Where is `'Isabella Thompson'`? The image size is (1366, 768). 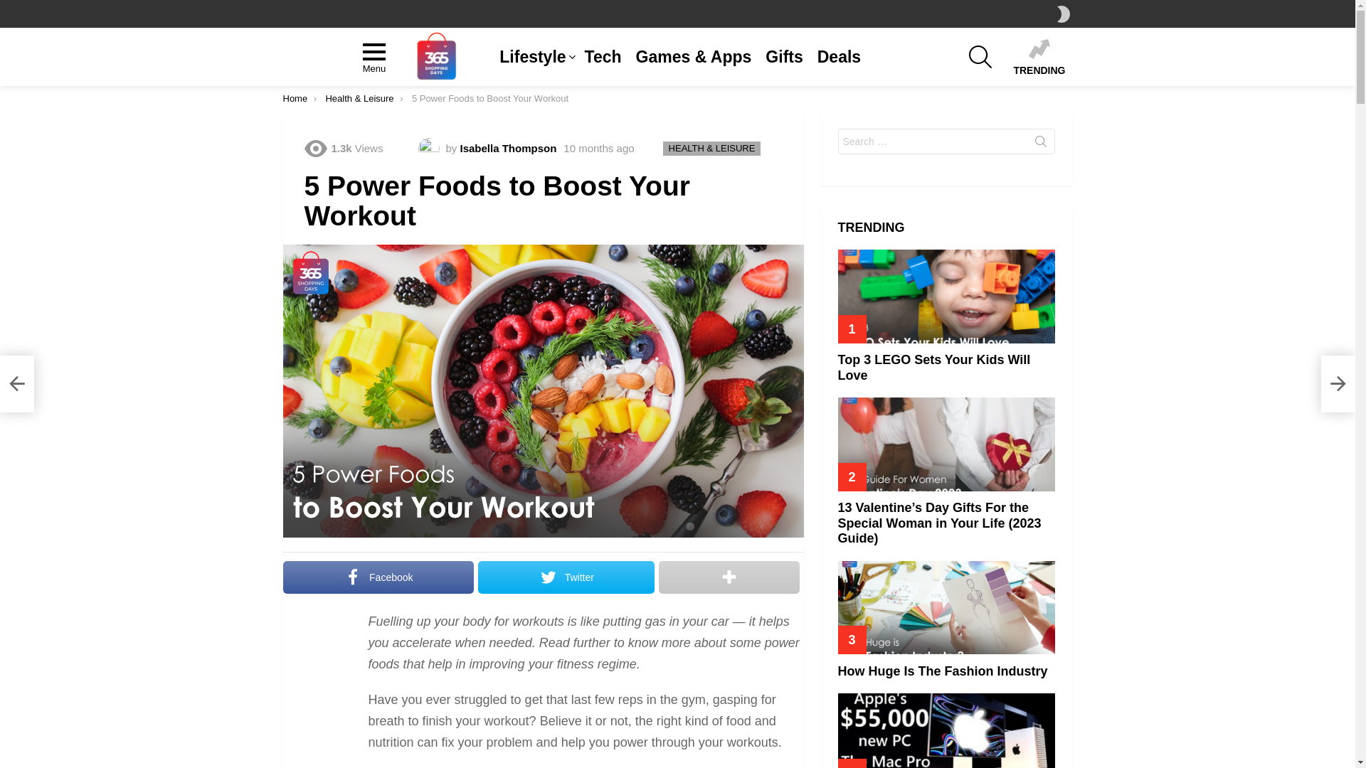 'Isabella Thompson' is located at coordinates (508, 148).